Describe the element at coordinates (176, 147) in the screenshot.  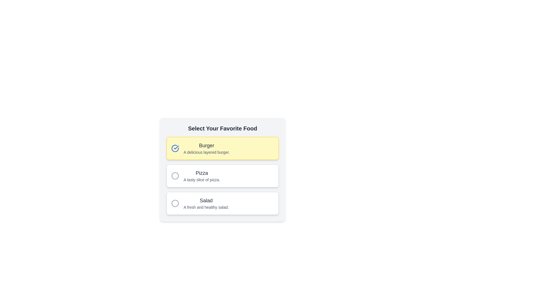
I see `the checkmark icon indicating the selection of the associated food option located inside a circular icon to the left of the 'Burger' option in the 'Select Your Favorite Food' questionnaire` at that location.